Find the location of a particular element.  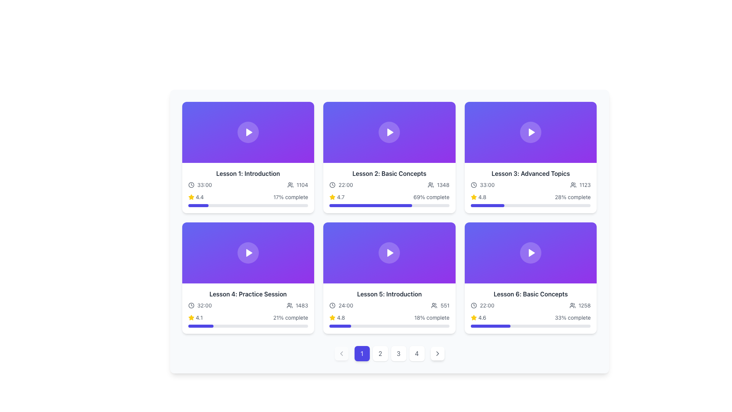

the text display showing the number '1348', which is located under the title 'Lesson 2: Basic Concepts' and to the right of the participant icon for interaction is located at coordinates (438, 185).